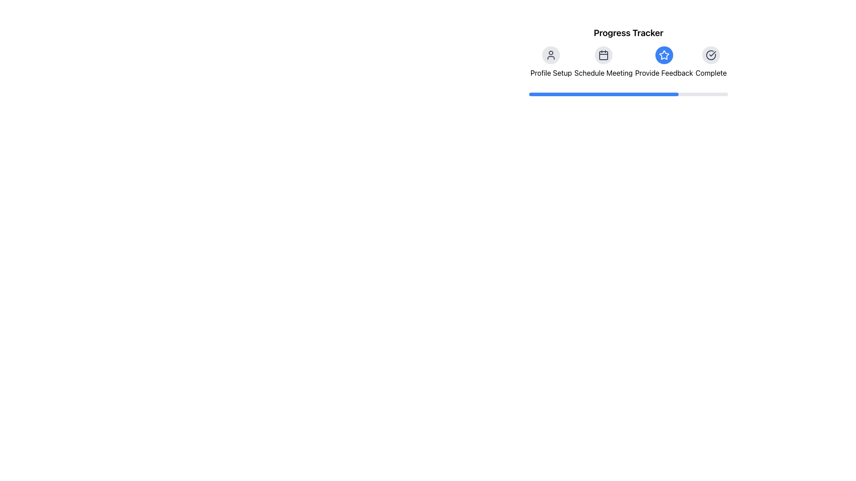 Image resolution: width=856 pixels, height=481 pixels. I want to click on the 'Complete' step in the progress tracker, which is the final step located at the far-right of the interface, so click(711, 61).